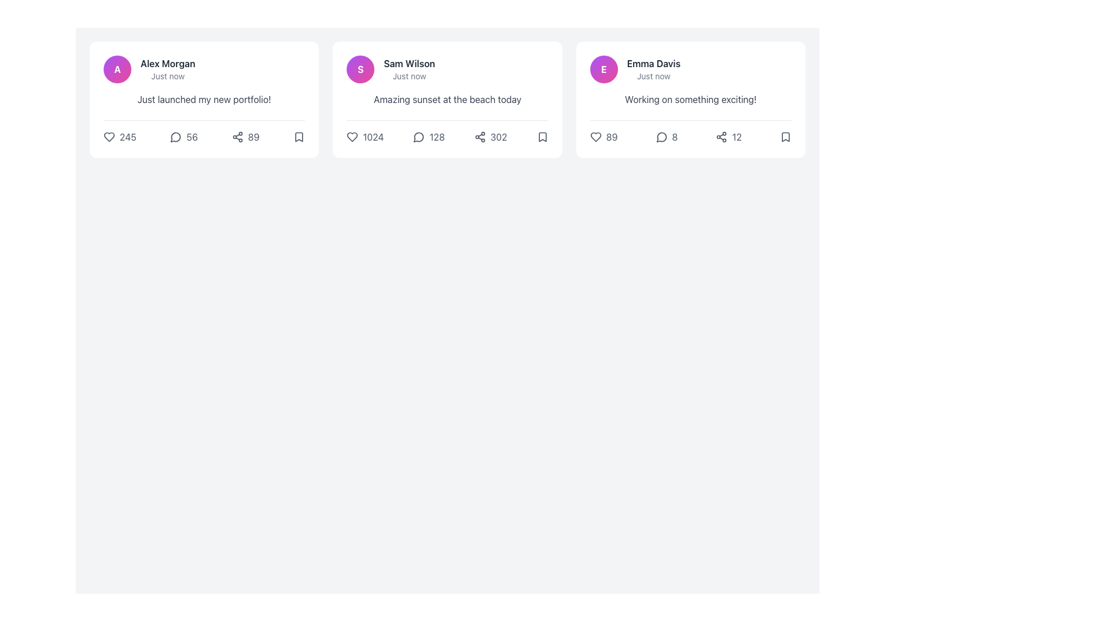  What do you see at coordinates (728, 136) in the screenshot?
I see `the interactive share icon with the numeric label '12' located in the lower-right area of the post card associated with user Emma Davis` at bounding box center [728, 136].